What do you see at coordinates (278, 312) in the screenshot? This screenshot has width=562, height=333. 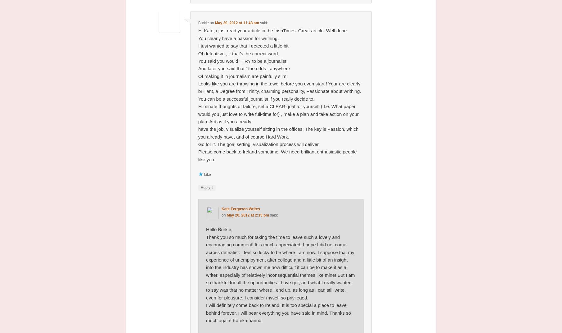 I see `'I will definitely come back to Ireland! It is too special a place to leave behind forever. I will bear everything you have said in mind. Thanks so much again! Katekatharina'` at bounding box center [278, 312].